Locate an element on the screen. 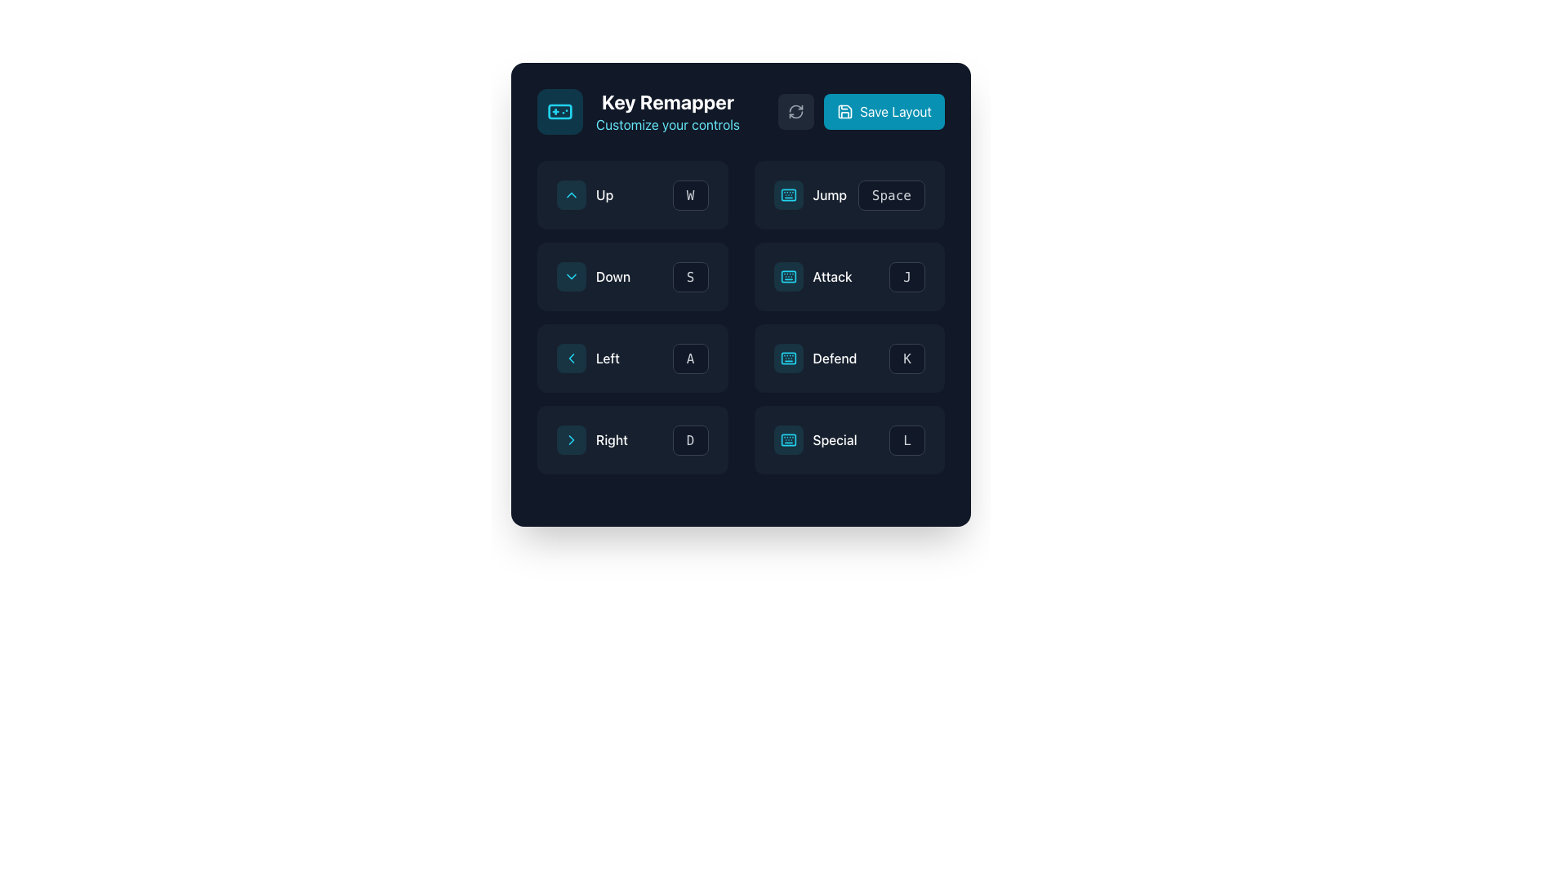 This screenshot has width=1568, height=882. the 'Attack' button with a keyboard icon, located in the third row and second column of the 'Key Remapper' panel is located at coordinates (813, 276).